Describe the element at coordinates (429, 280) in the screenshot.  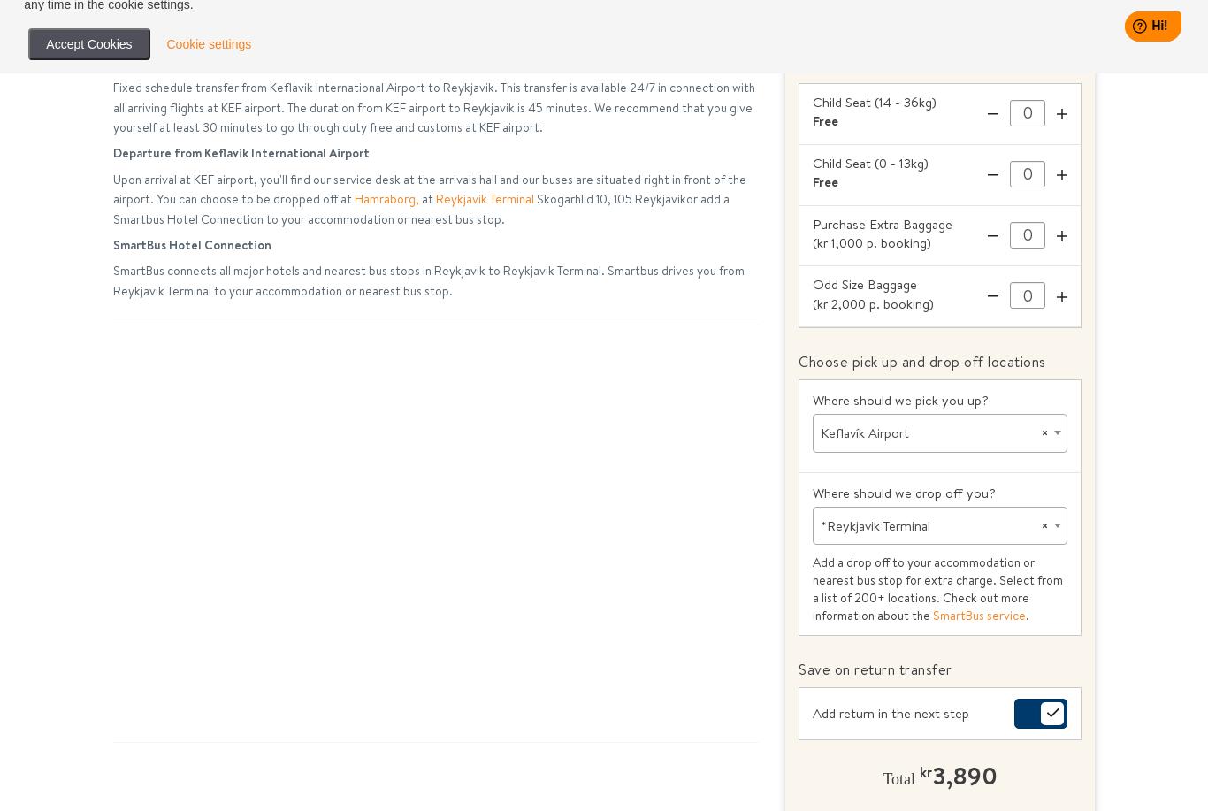
I see `'SmartBus connects all major hotels and nearest bus stops in Reykjavik to Reykjavik Terminal. Smartbus drives you from Reykjavik Terminal to your accommodation or nearest bus stop.'` at that location.